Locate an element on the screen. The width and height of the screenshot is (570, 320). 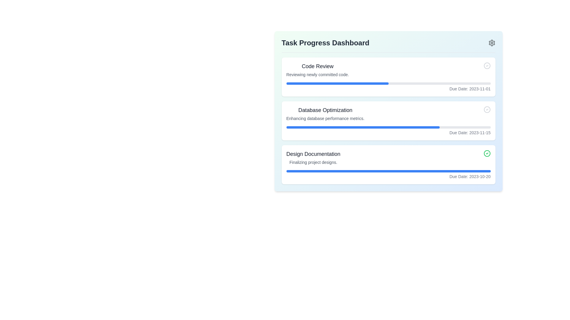
the circular icon with a checkmark inside, which is part of the 'Database Optimization' section in the 'Task Progress Dashboard' is located at coordinates (487, 110).